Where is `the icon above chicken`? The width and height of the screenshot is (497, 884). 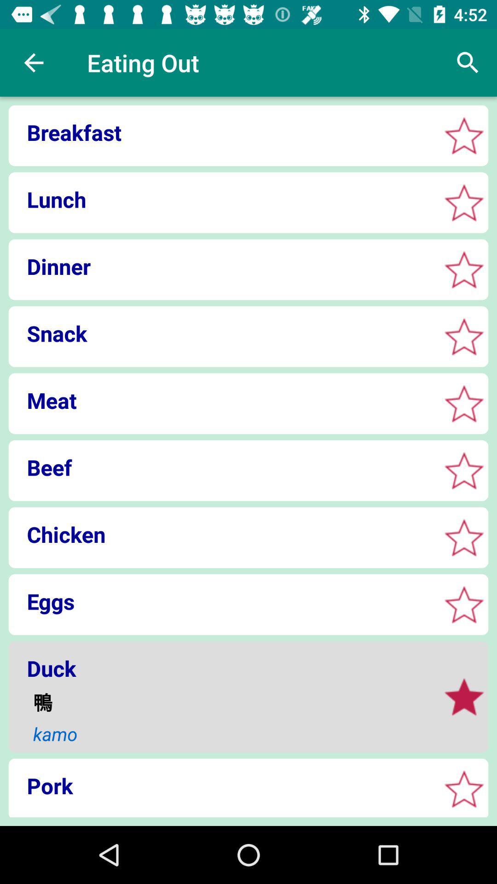 the icon above chicken is located at coordinates (221, 467).